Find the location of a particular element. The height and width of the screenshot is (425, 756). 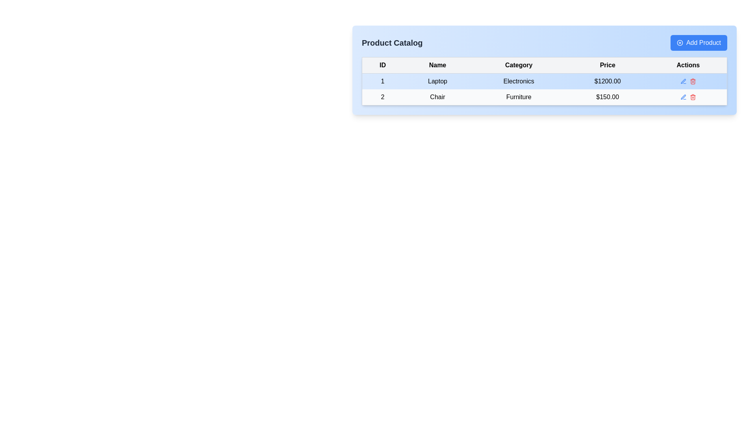

the 'Name' table header cell, which is the second column header in the table, presented in bold black font on a light gray background is located at coordinates (437, 65).